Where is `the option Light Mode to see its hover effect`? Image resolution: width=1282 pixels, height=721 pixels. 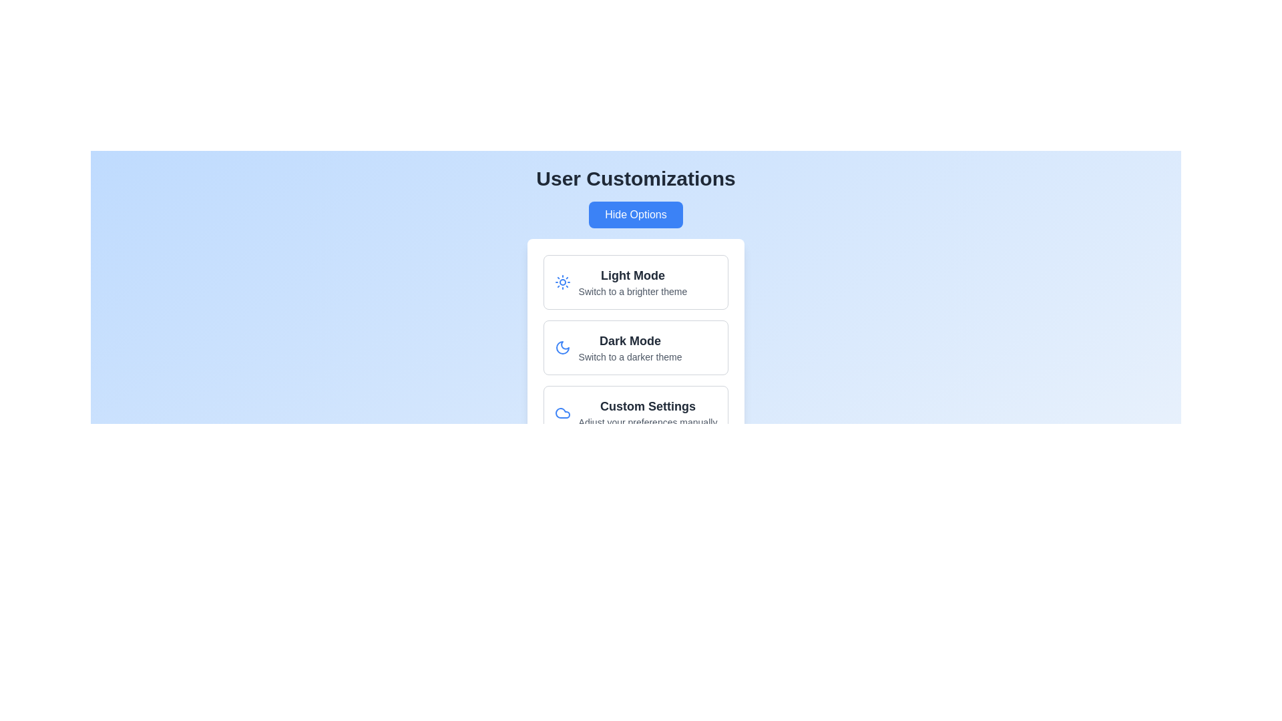 the option Light Mode to see its hover effect is located at coordinates (635, 282).